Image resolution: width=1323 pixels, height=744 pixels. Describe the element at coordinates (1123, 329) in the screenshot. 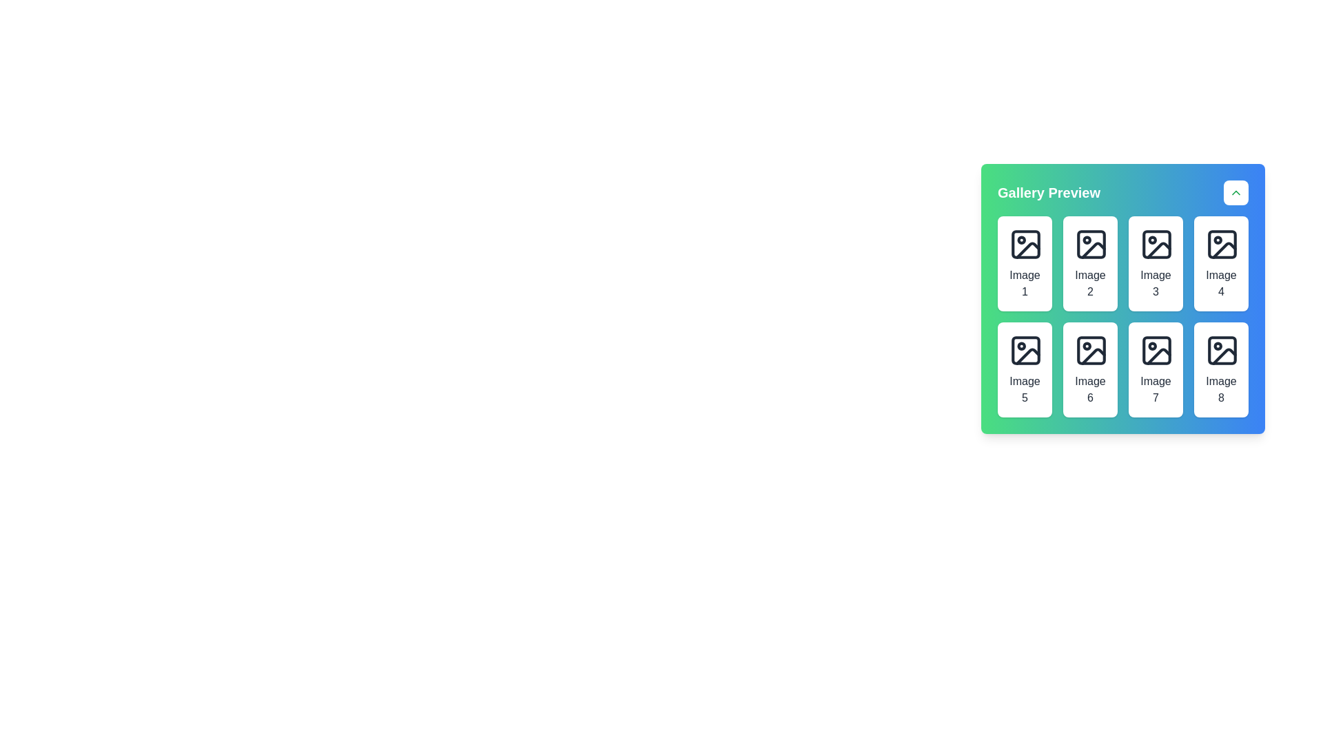

I see `inside the 'Gallery Preview' pop-up panel to interact with its subcomponents, including the image placeholders labeled 'Image 1' to 'Image 8'` at that location.